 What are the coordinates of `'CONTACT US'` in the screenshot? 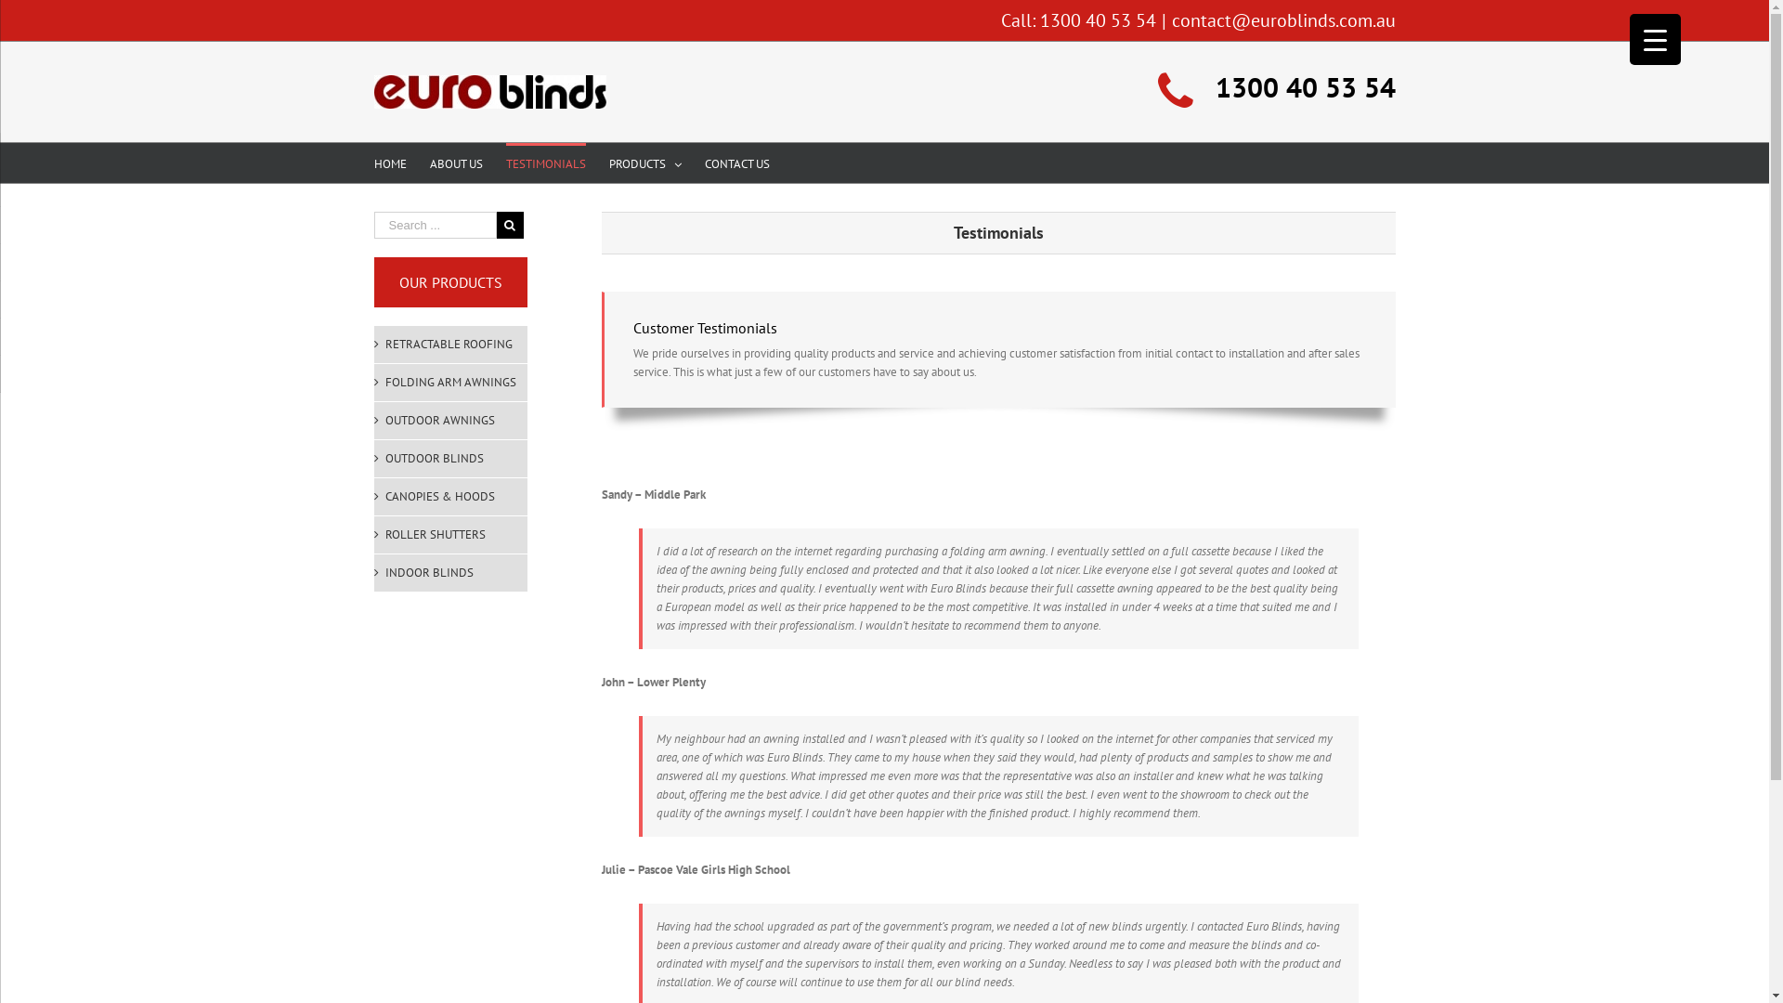 It's located at (703, 162).